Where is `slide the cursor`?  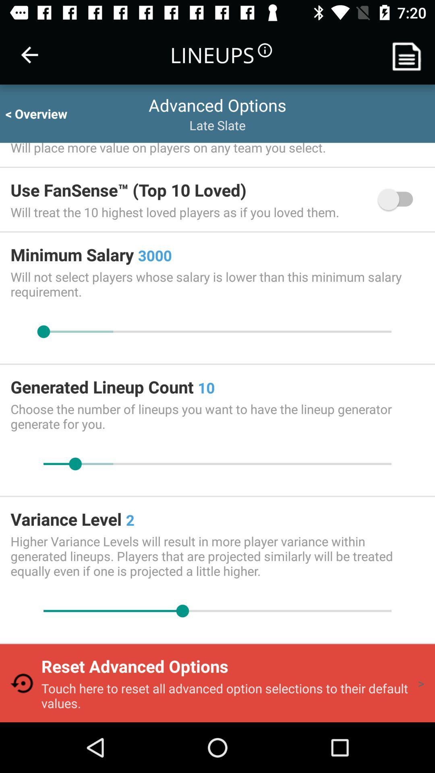 slide the cursor is located at coordinates (217, 332).